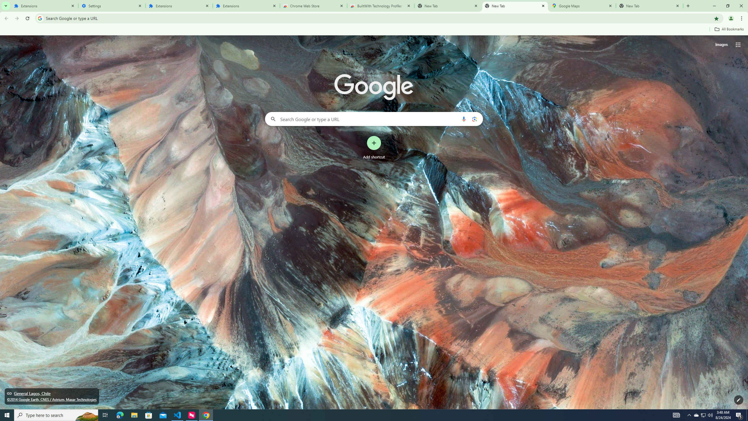  I want to click on 'Google Maps', so click(582, 6).